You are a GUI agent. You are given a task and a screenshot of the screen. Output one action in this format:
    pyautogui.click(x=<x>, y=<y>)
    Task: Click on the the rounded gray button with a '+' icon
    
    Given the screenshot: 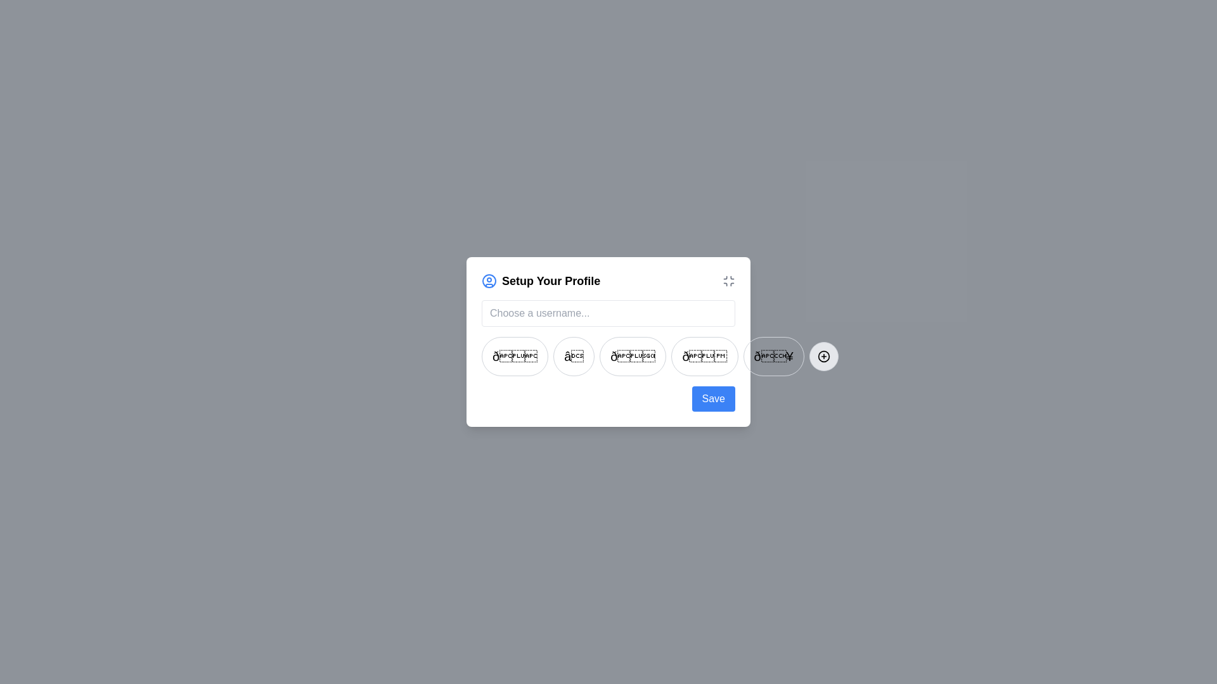 What is the action you would take?
    pyautogui.click(x=823, y=357)
    